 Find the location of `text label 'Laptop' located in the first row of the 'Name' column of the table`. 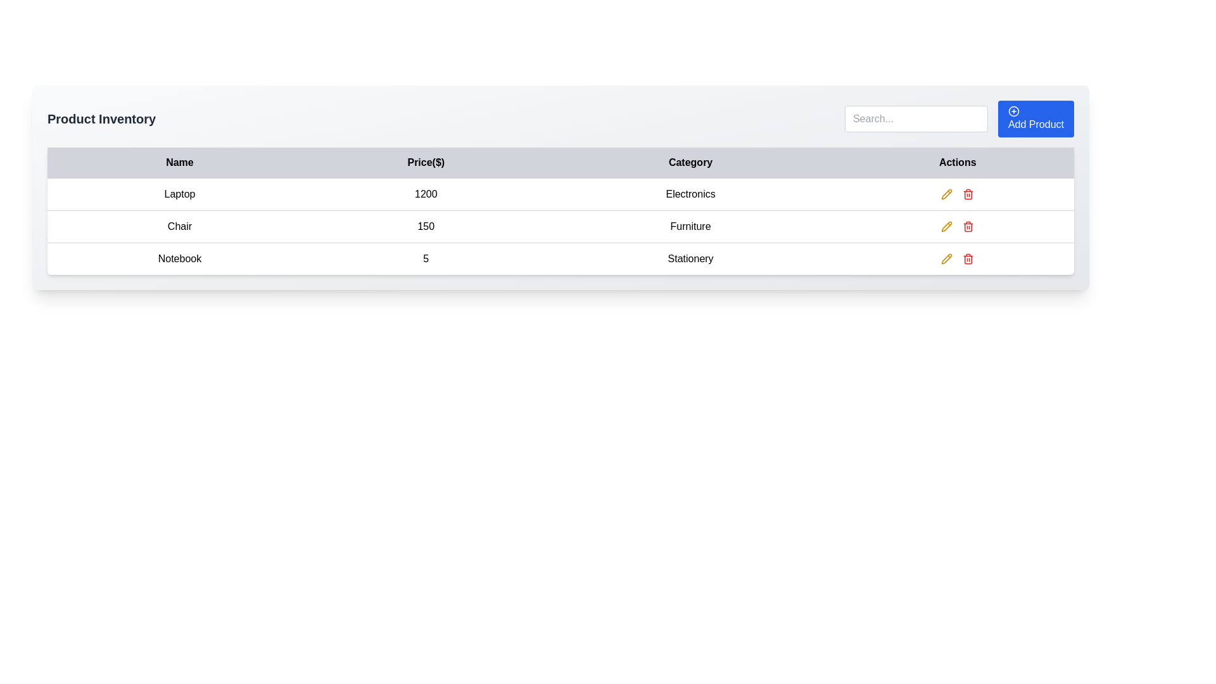

text label 'Laptop' located in the first row of the 'Name' column of the table is located at coordinates (179, 194).